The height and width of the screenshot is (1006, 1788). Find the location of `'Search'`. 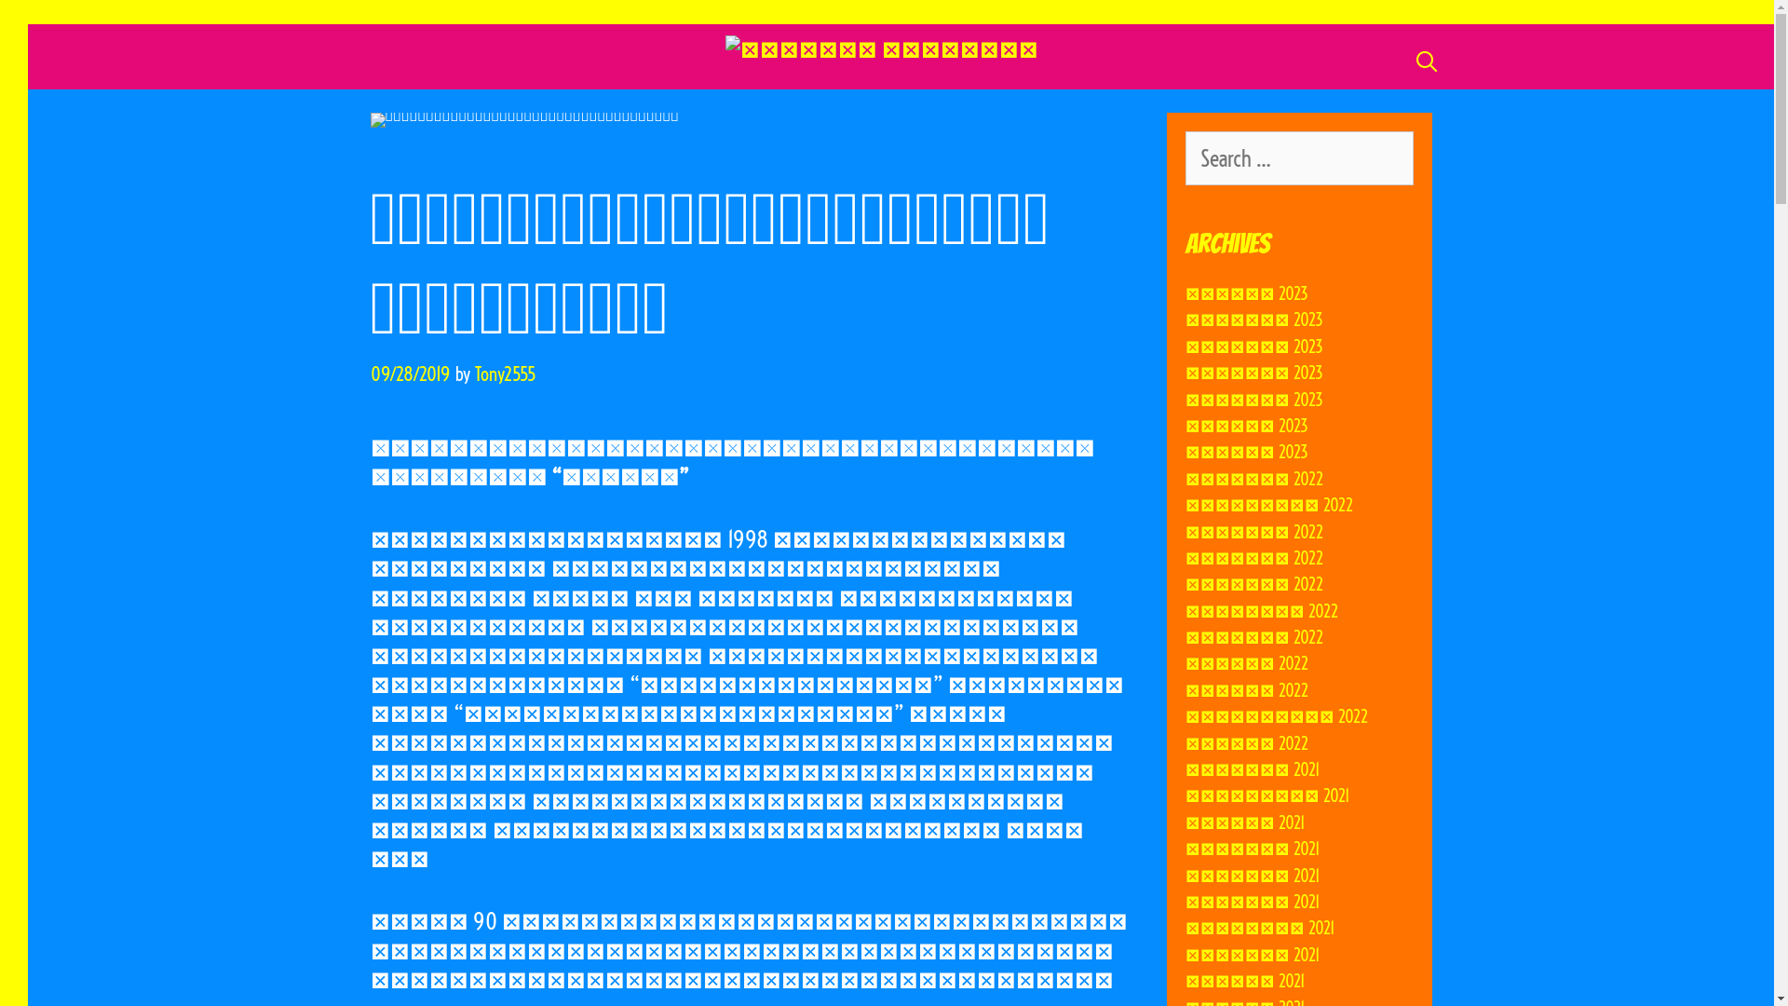

'Search' is located at coordinates (18, 28).